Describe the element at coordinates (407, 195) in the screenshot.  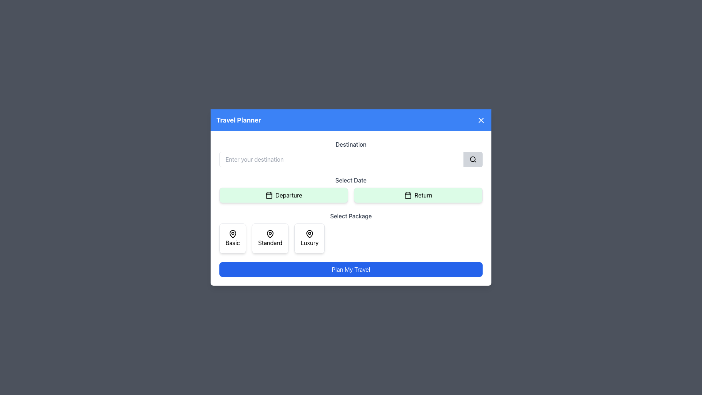
I see `structural graphic element of the calendar icon located at the center of the 'Return' button under the 'Select Date' section using developer tools` at that location.